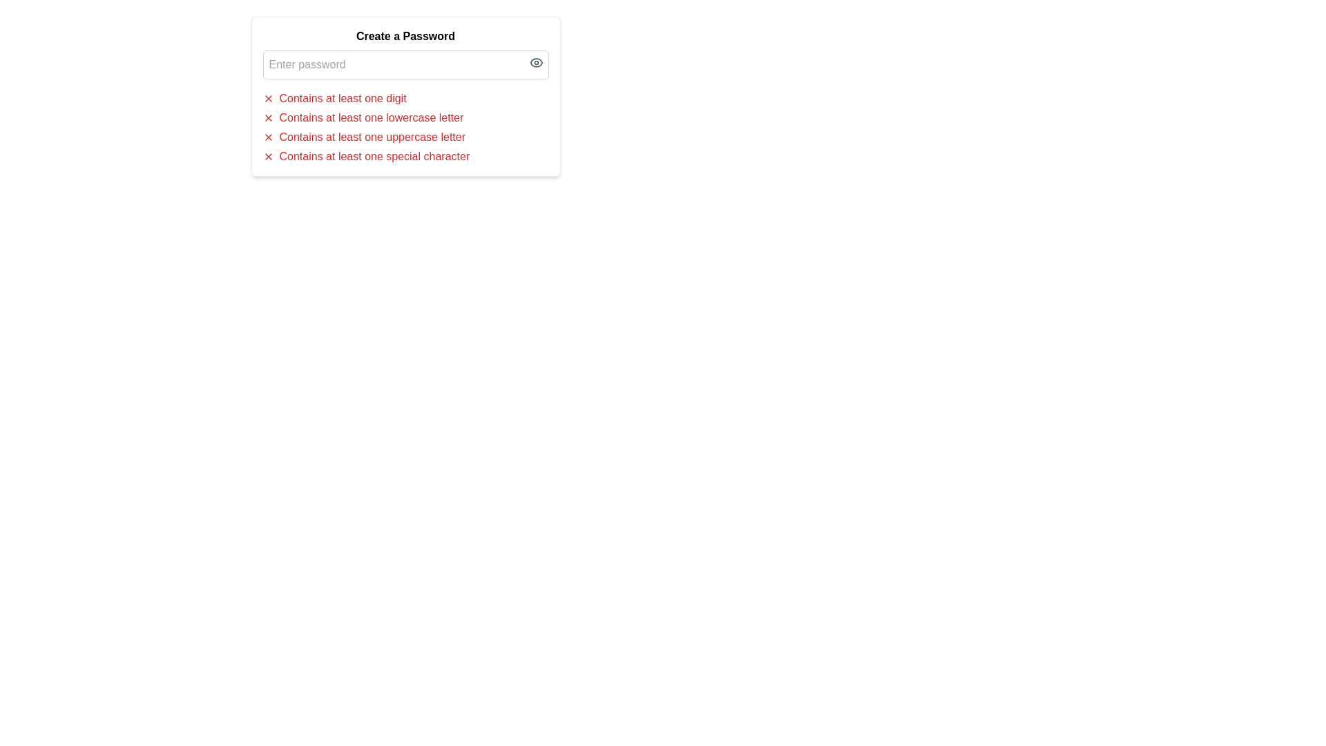  Describe the element at coordinates (405, 64) in the screenshot. I see `the Password Input field for focusing, which is the first interactive element in the 'Create a Password' panel` at that location.